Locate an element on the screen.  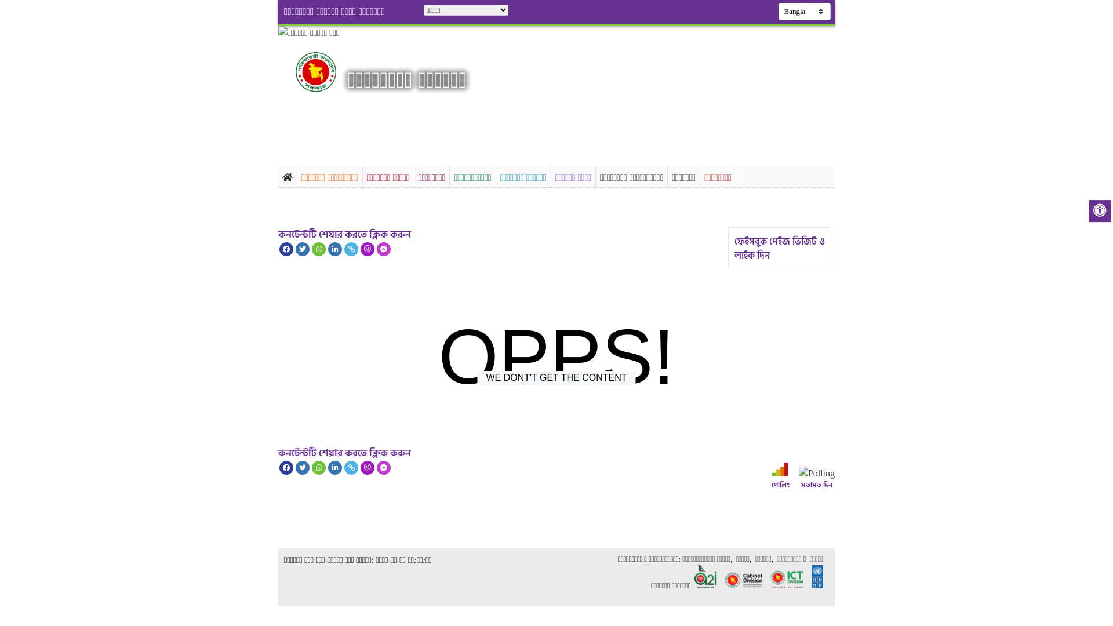
' is located at coordinates (325, 71).